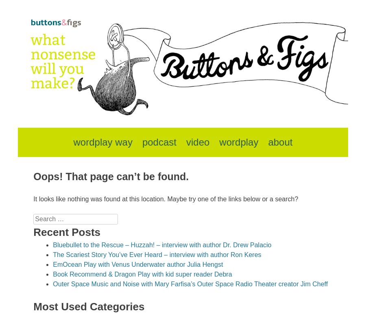 This screenshot has height=316, width=366. I want to click on 'EmOcean Play with Venus Underwater author Julia Hengst', so click(138, 264).